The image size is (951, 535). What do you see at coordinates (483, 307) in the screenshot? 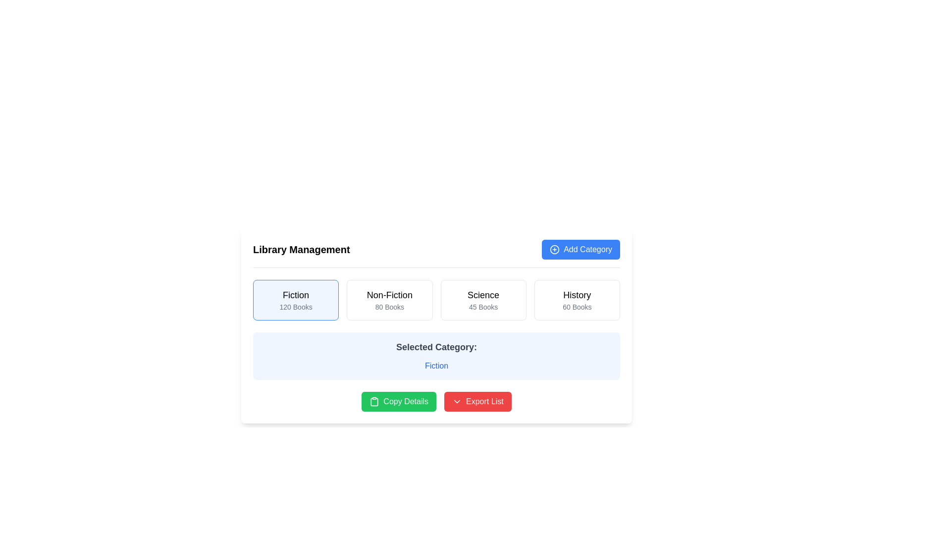
I see `the text label displaying '45 Books', which is located below the 'Science' title in the card labeled 'Science'` at bounding box center [483, 307].